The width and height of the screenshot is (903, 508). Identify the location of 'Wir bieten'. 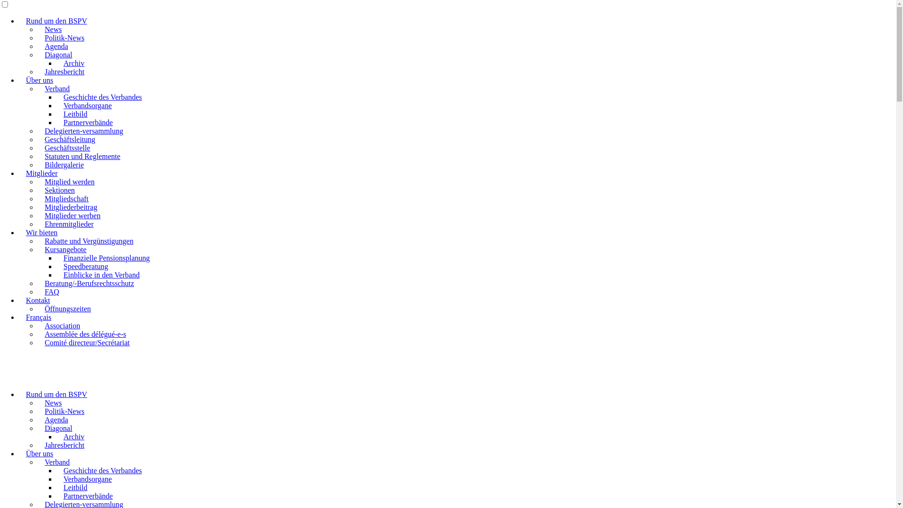
(41, 232).